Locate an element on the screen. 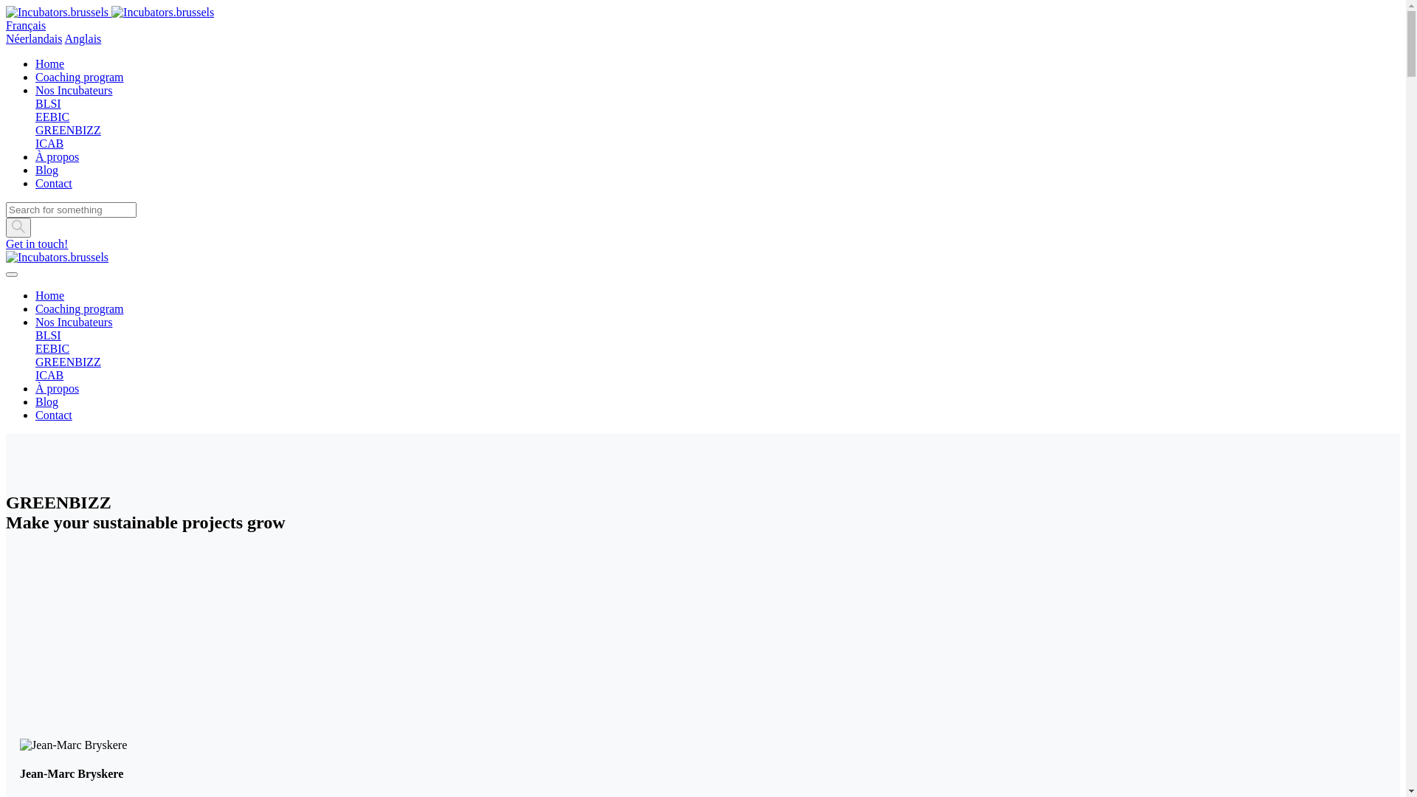 The height and width of the screenshot is (797, 1417). 'GREENBIZZ' is located at coordinates (67, 129).